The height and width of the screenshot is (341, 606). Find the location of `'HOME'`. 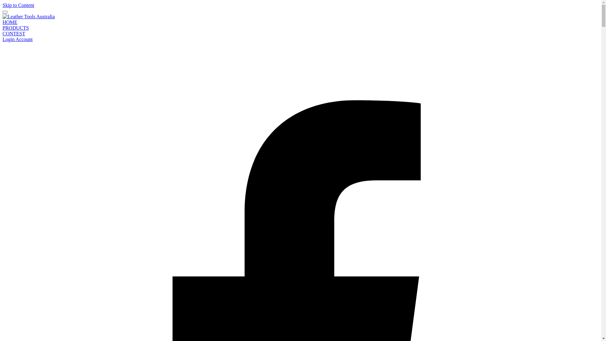

'HOME' is located at coordinates (10, 22).